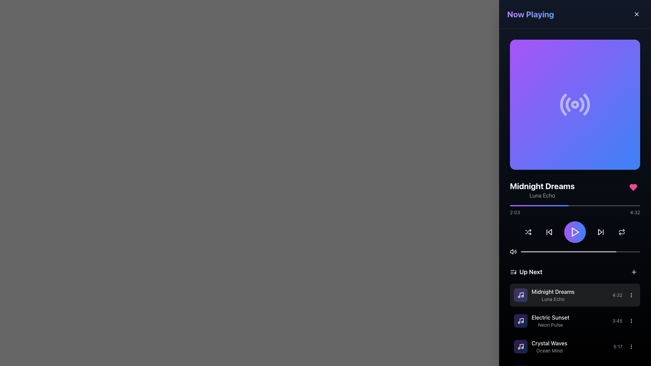 This screenshot has width=651, height=366. I want to click on playback position, so click(587, 252).